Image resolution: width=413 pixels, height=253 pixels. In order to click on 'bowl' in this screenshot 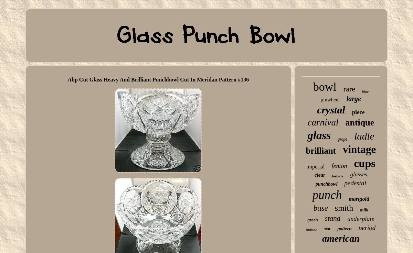, I will do `click(324, 87)`.